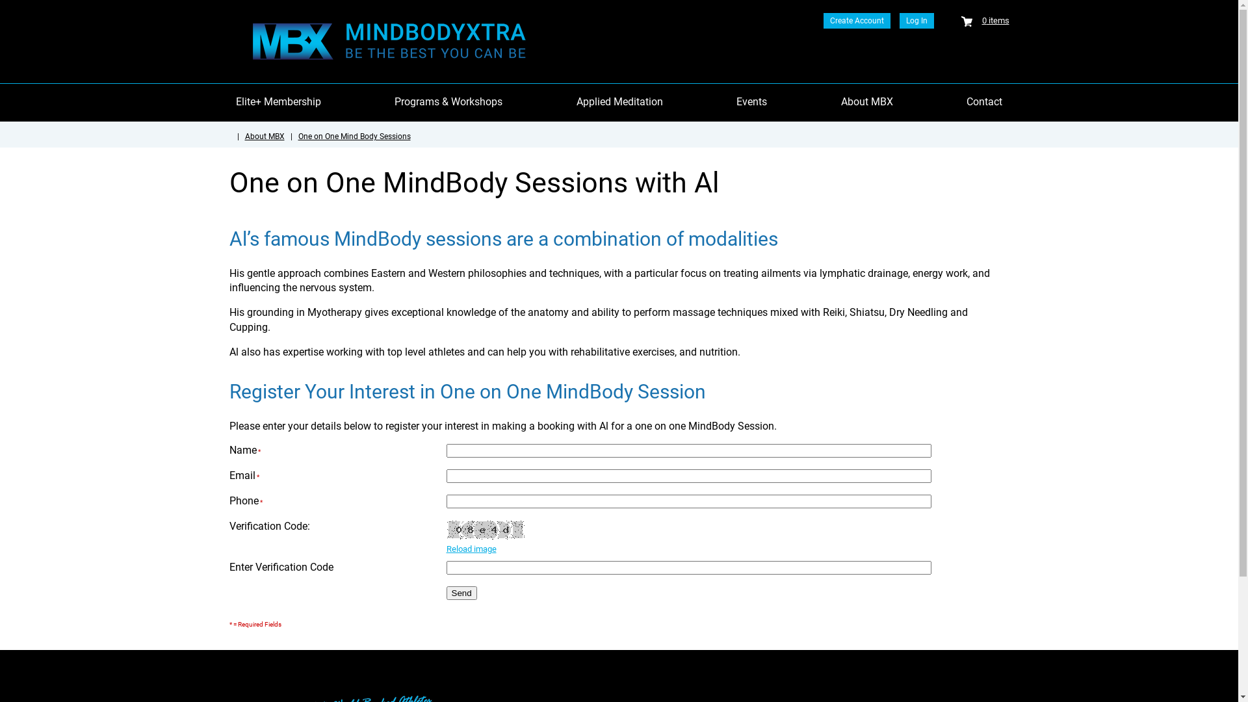 This screenshot has width=1248, height=702. Describe the element at coordinates (984, 101) in the screenshot. I see `'Contact'` at that location.